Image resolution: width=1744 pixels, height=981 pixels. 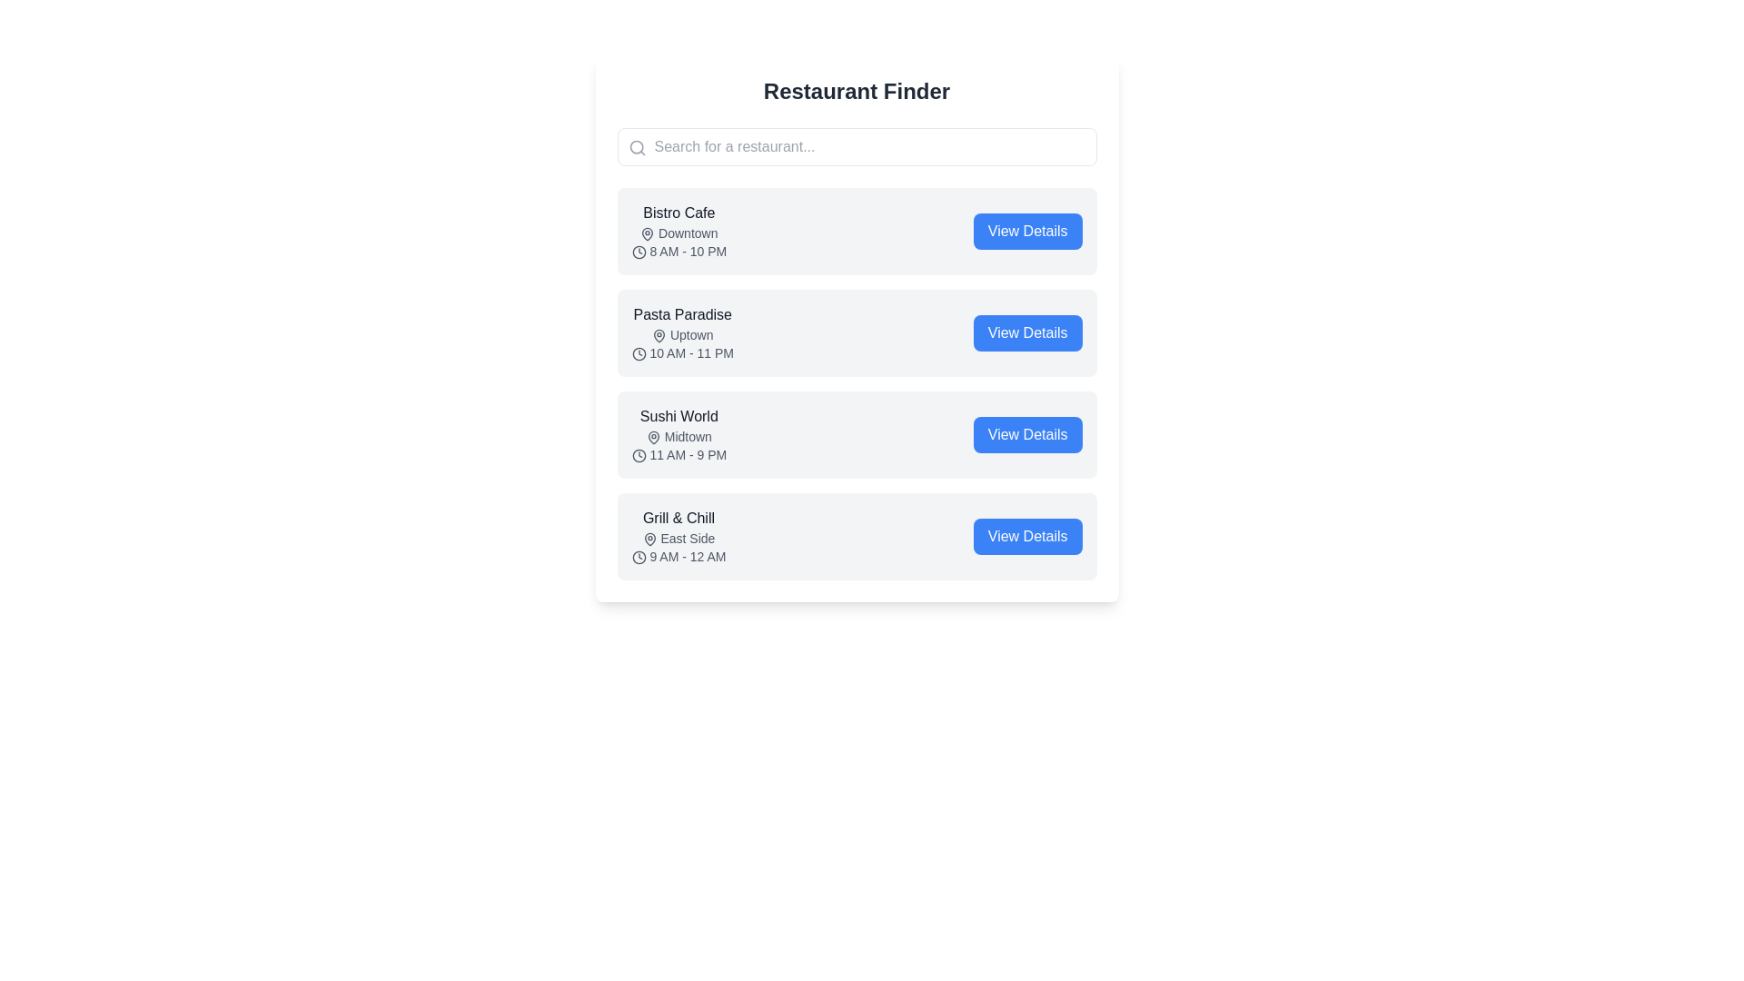 I want to click on the clock icon representing the operating hours of the restaurant 'Grill & Chill', which is located in the fourth slot of the list, to initiate potential interaction, so click(x=639, y=557).